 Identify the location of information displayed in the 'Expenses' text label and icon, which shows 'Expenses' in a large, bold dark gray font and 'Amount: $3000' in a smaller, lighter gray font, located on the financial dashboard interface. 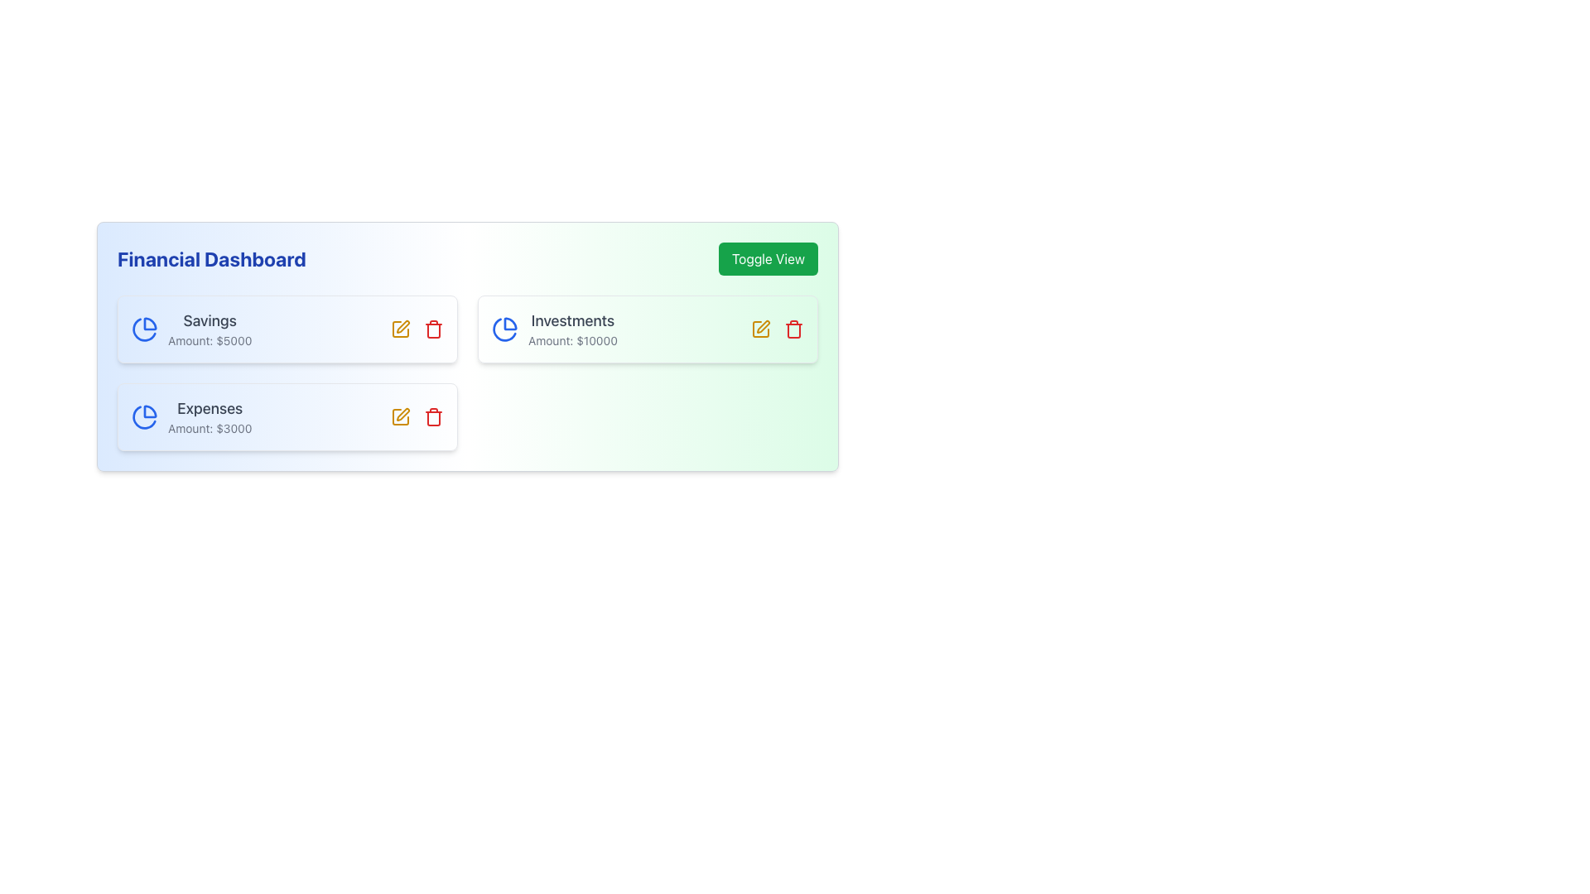
(191, 416).